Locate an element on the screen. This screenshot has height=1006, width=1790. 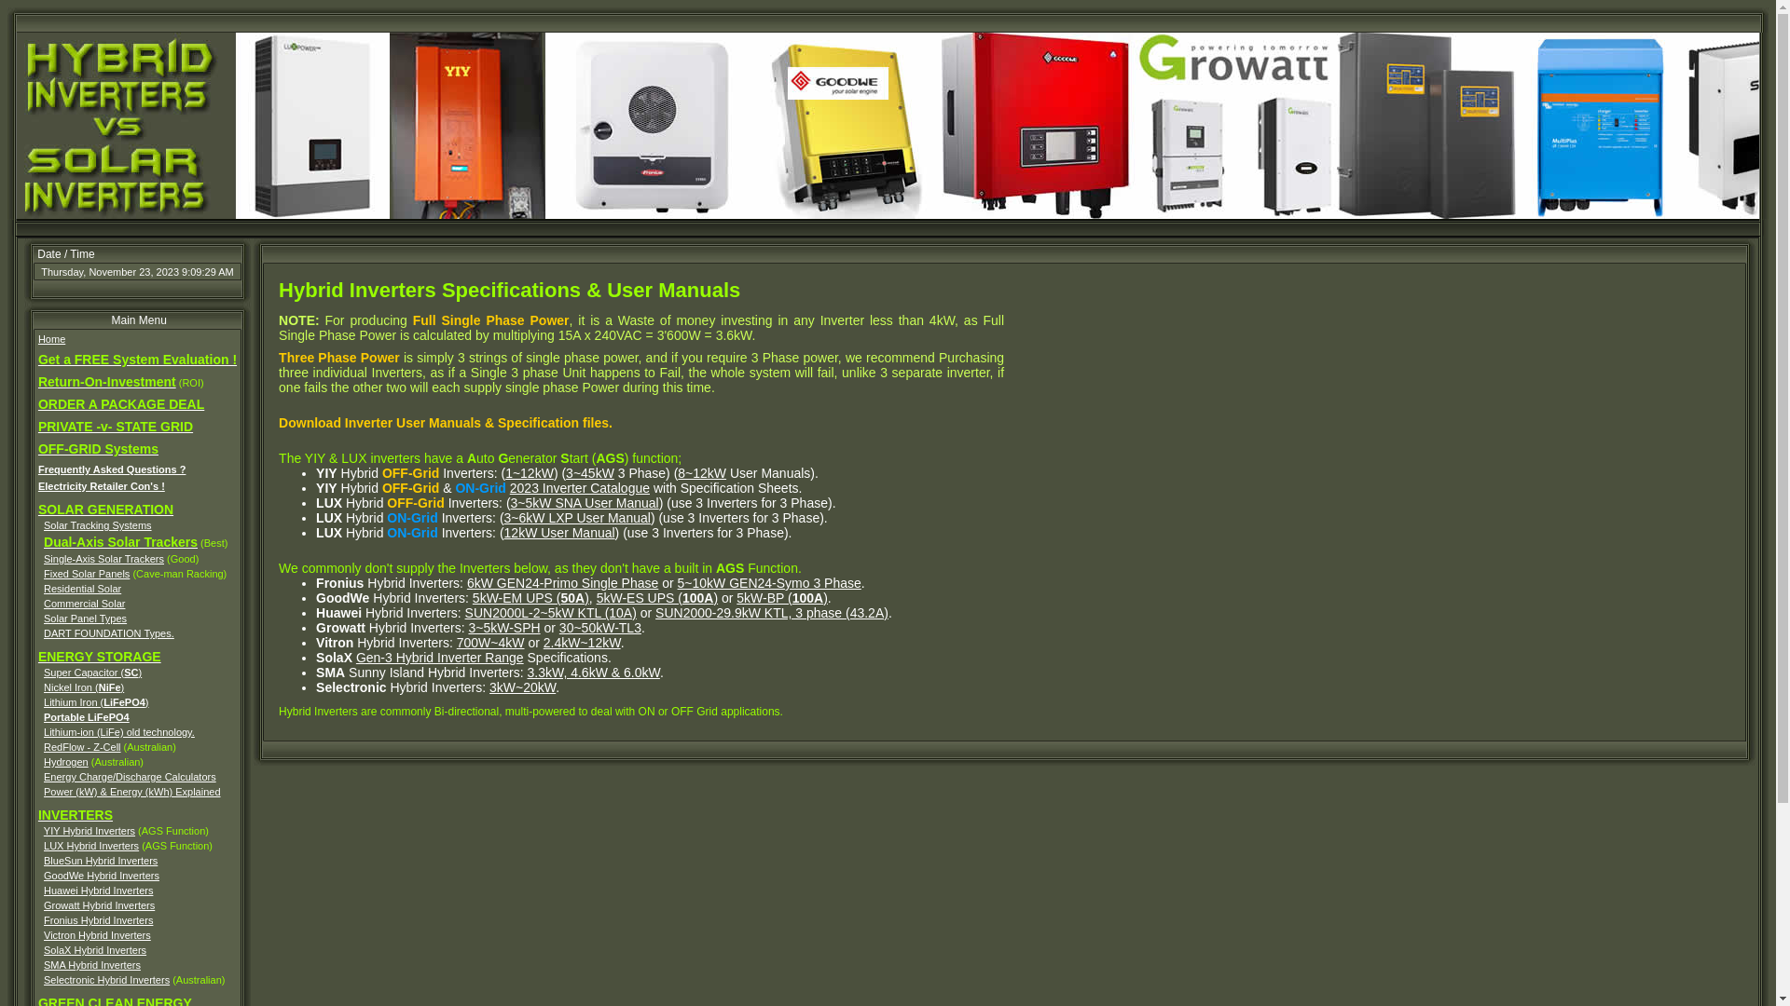
'Frequently Asked Questions ?' is located at coordinates (111, 469).